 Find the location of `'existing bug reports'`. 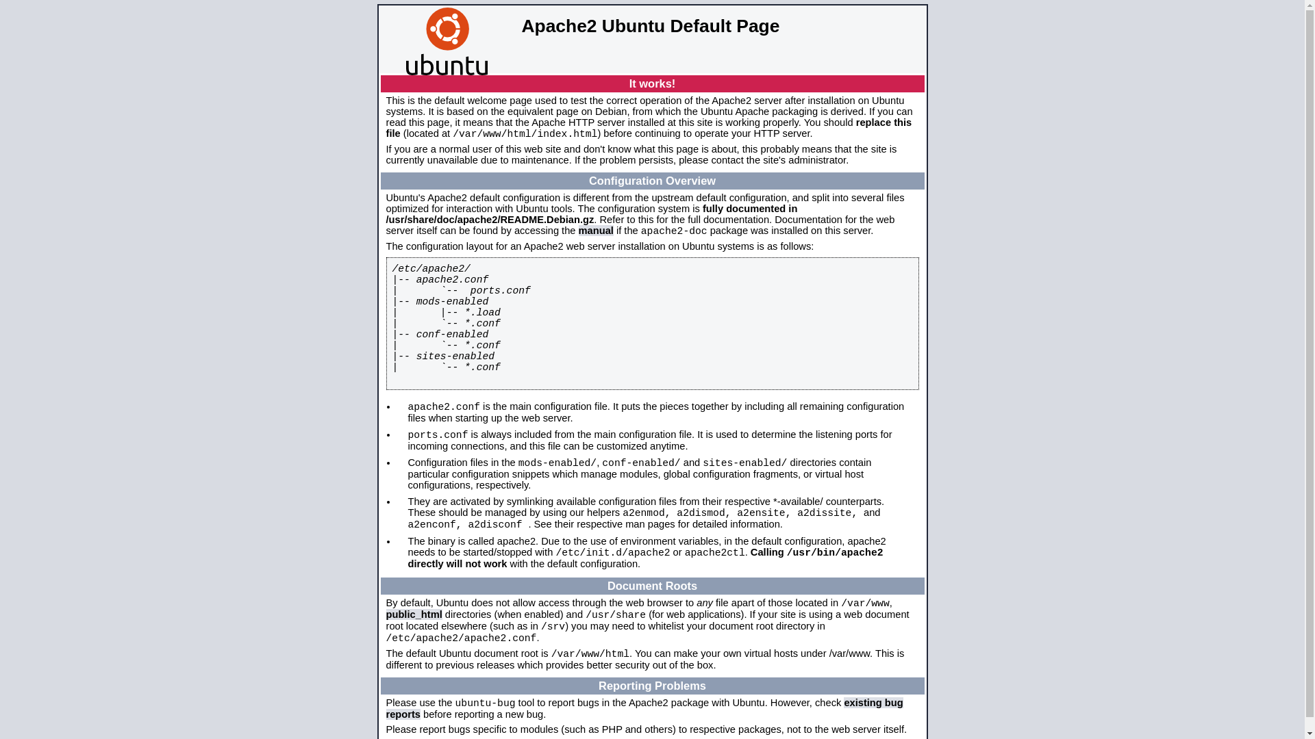

'existing bug reports' is located at coordinates (644, 708).